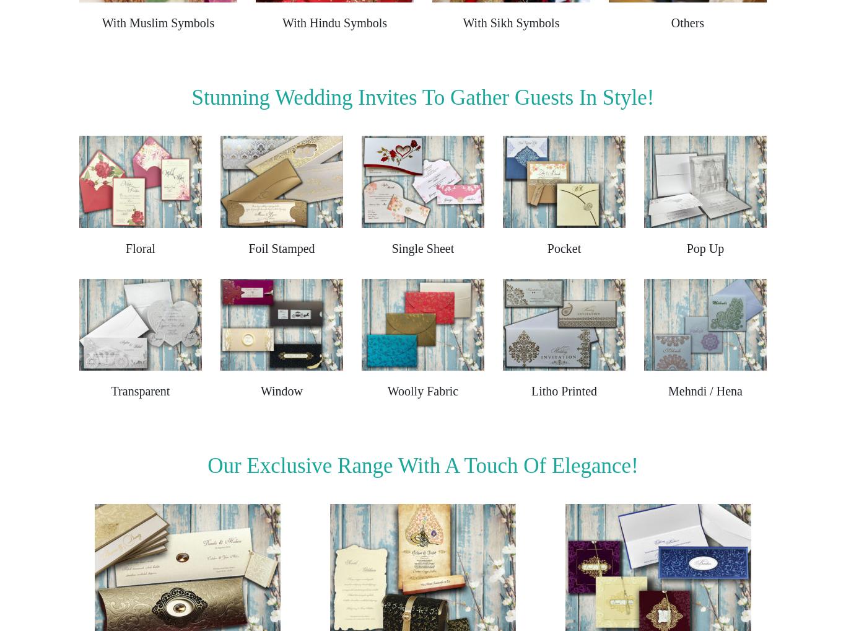 Image resolution: width=846 pixels, height=631 pixels. I want to click on 'Pocket', so click(546, 247).